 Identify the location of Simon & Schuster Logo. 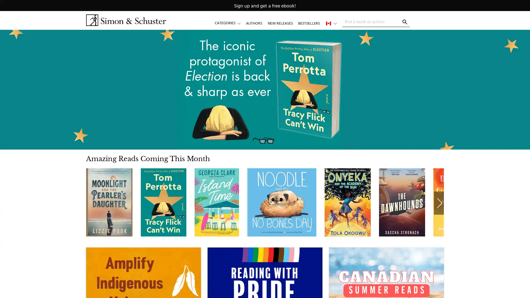
(126, 20).